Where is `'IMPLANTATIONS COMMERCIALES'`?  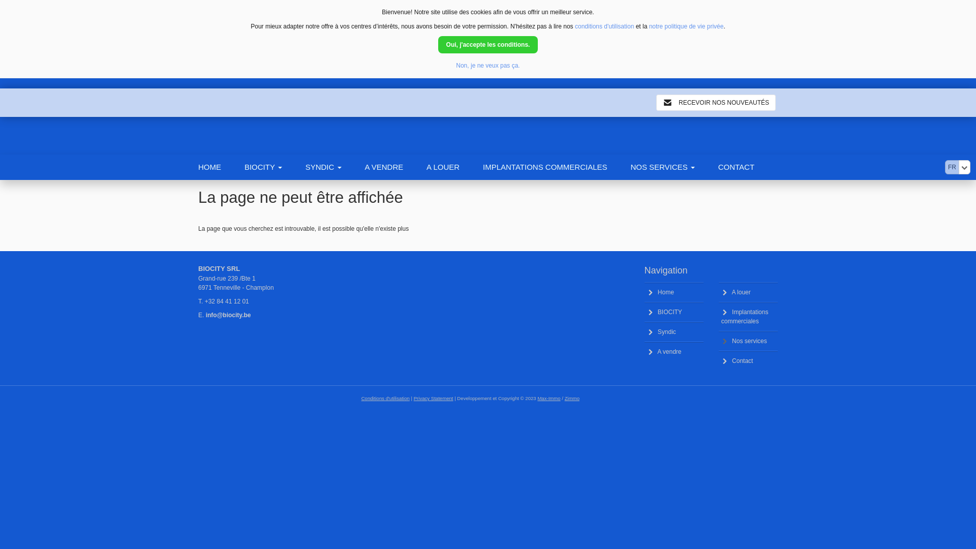 'IMPLANTATIONS COMMERCIALES' is located at coordinates (556, 166).